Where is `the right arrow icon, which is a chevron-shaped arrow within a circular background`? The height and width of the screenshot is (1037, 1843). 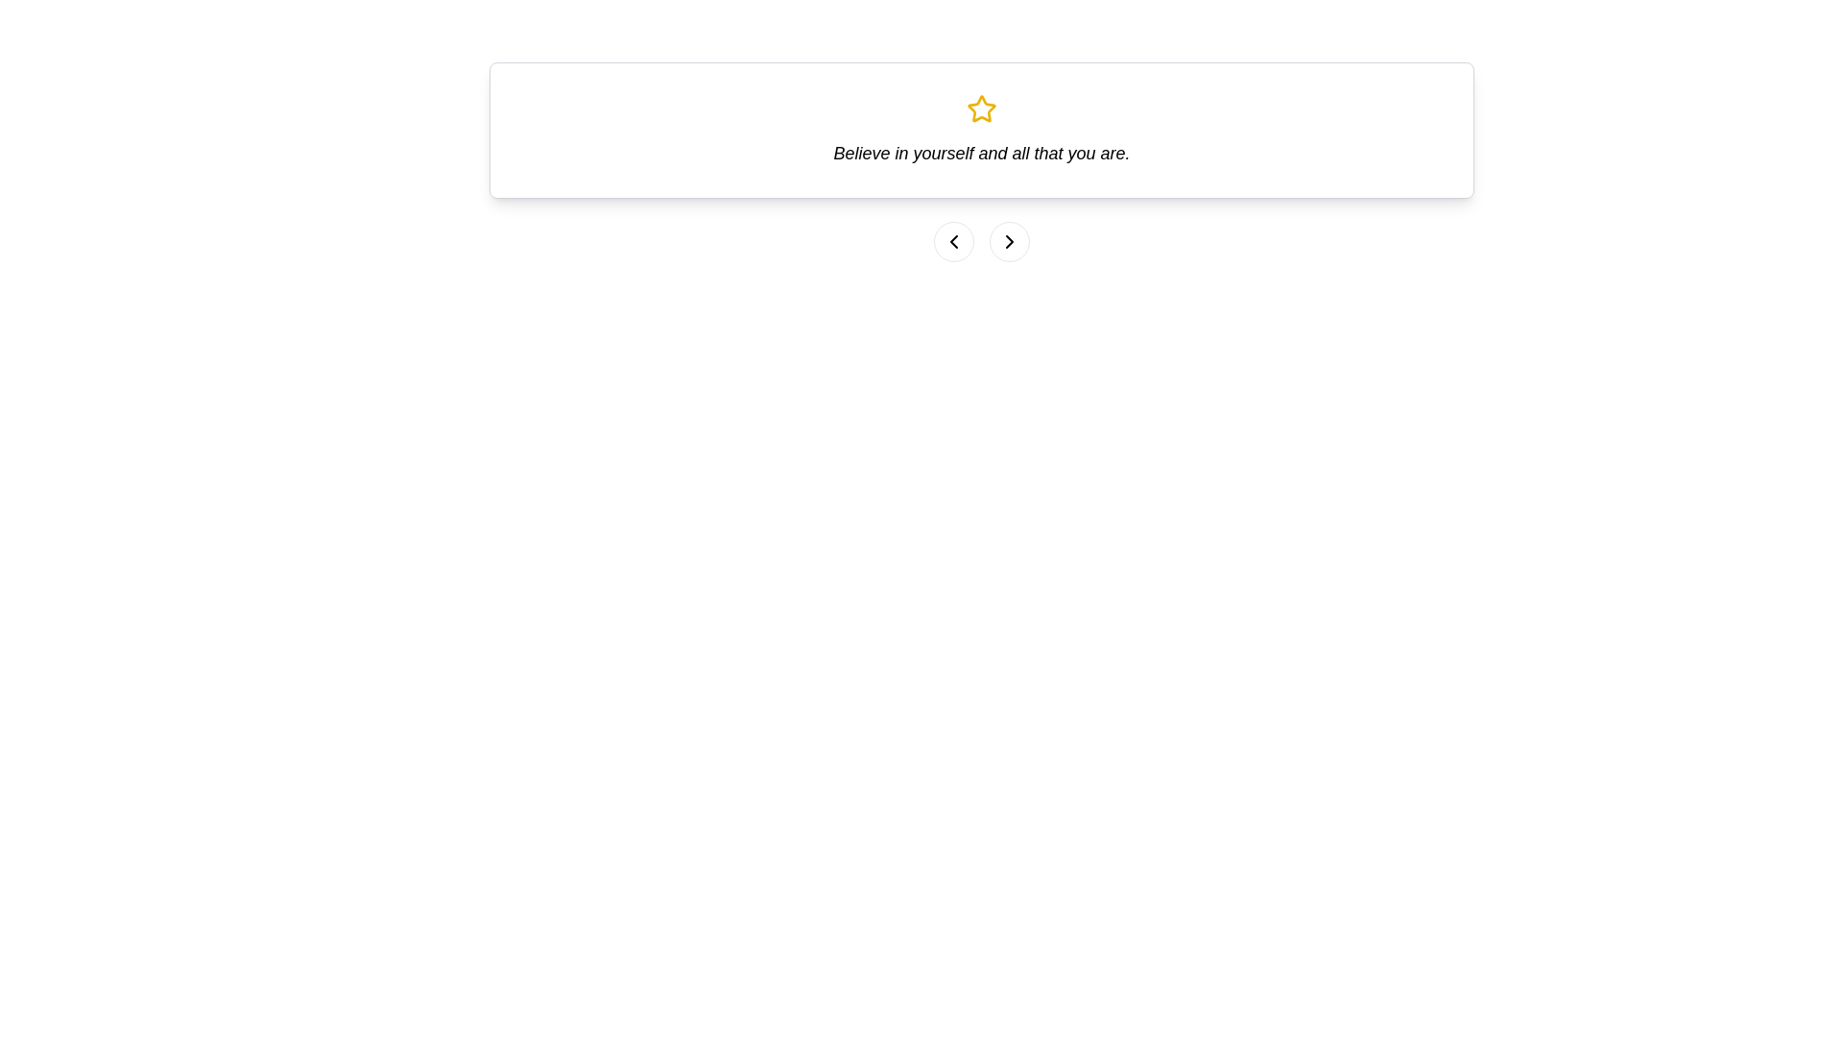 the right arrow icon, which is a chevron-shaped arrow within a circular background is located at coordinates (1008, 240).